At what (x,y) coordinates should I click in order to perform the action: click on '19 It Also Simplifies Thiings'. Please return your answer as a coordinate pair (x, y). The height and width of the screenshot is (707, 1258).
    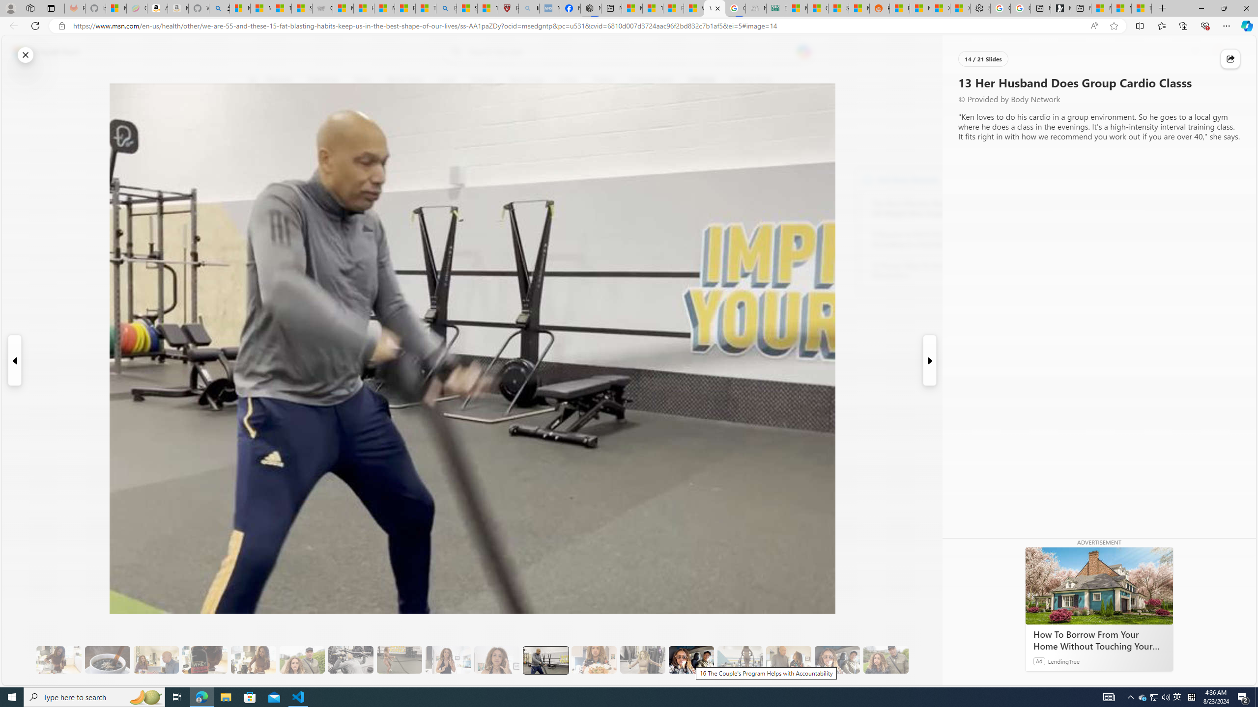
    Looking at the image, I should click on (837, 660).